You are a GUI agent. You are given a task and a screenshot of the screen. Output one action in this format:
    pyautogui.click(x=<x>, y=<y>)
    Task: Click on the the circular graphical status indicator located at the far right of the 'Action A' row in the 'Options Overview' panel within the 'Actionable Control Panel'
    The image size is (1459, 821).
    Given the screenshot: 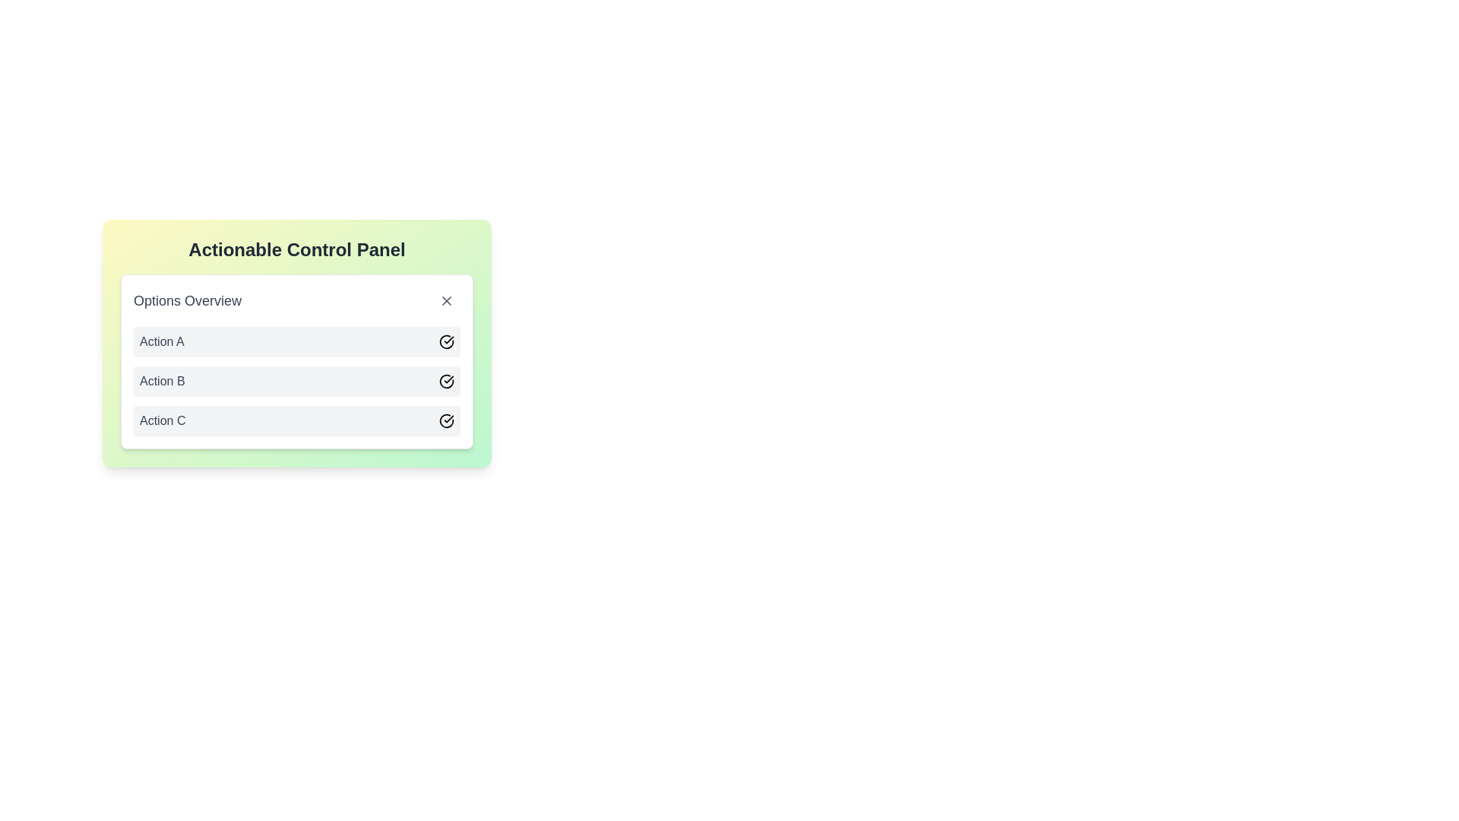 What is the action you would take?
    pyautogui.click(x=446, y=340)
    